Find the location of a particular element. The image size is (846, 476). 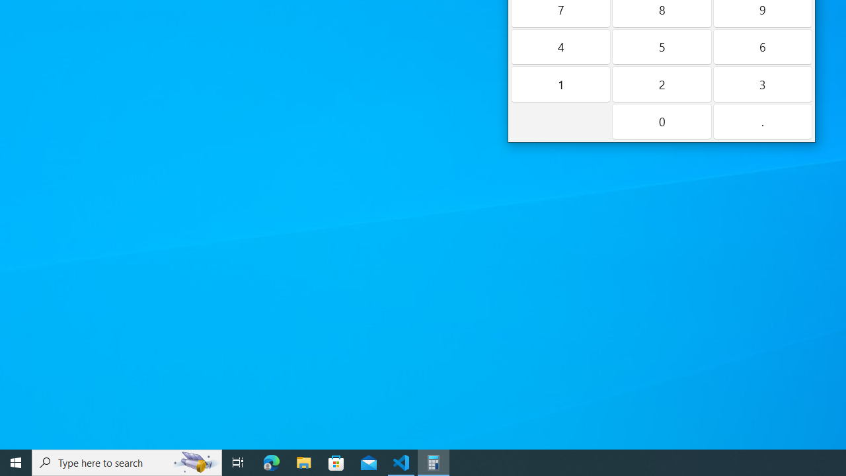

'Zero' is located at coordinates (661, 121).